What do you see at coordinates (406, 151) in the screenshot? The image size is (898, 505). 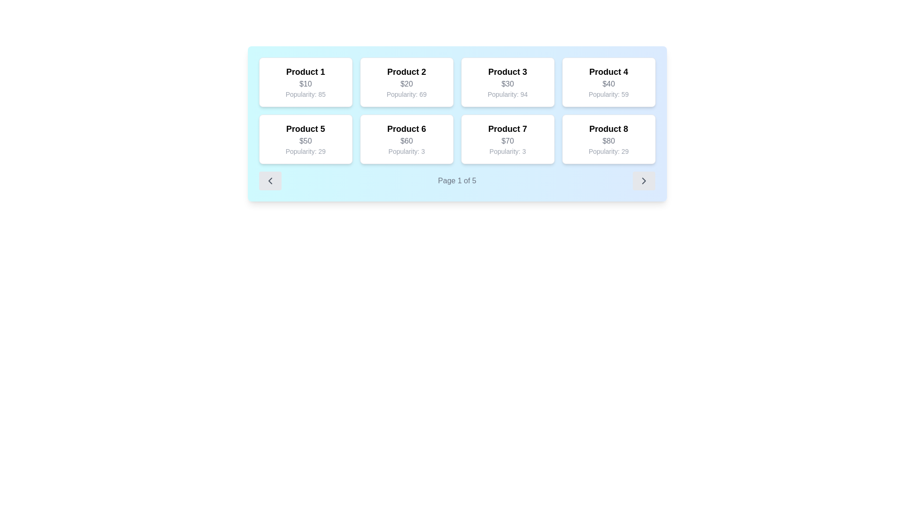 I see `the informational text label displaying the popularity rating of 'Product 6', located in the center of the third row of the grid layout, below 'Product 6' and '$60'` at bounding box center [406, 151].